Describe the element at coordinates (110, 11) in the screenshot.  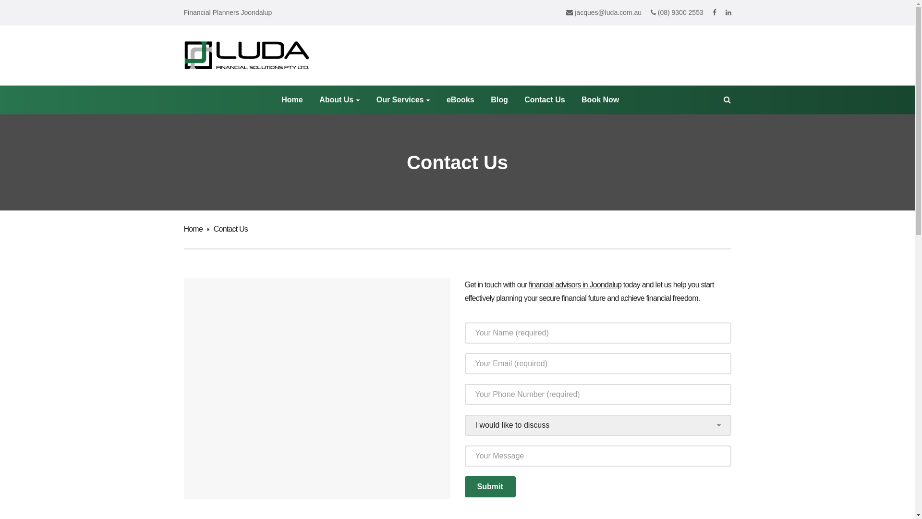
I see `'Search'` at that location.